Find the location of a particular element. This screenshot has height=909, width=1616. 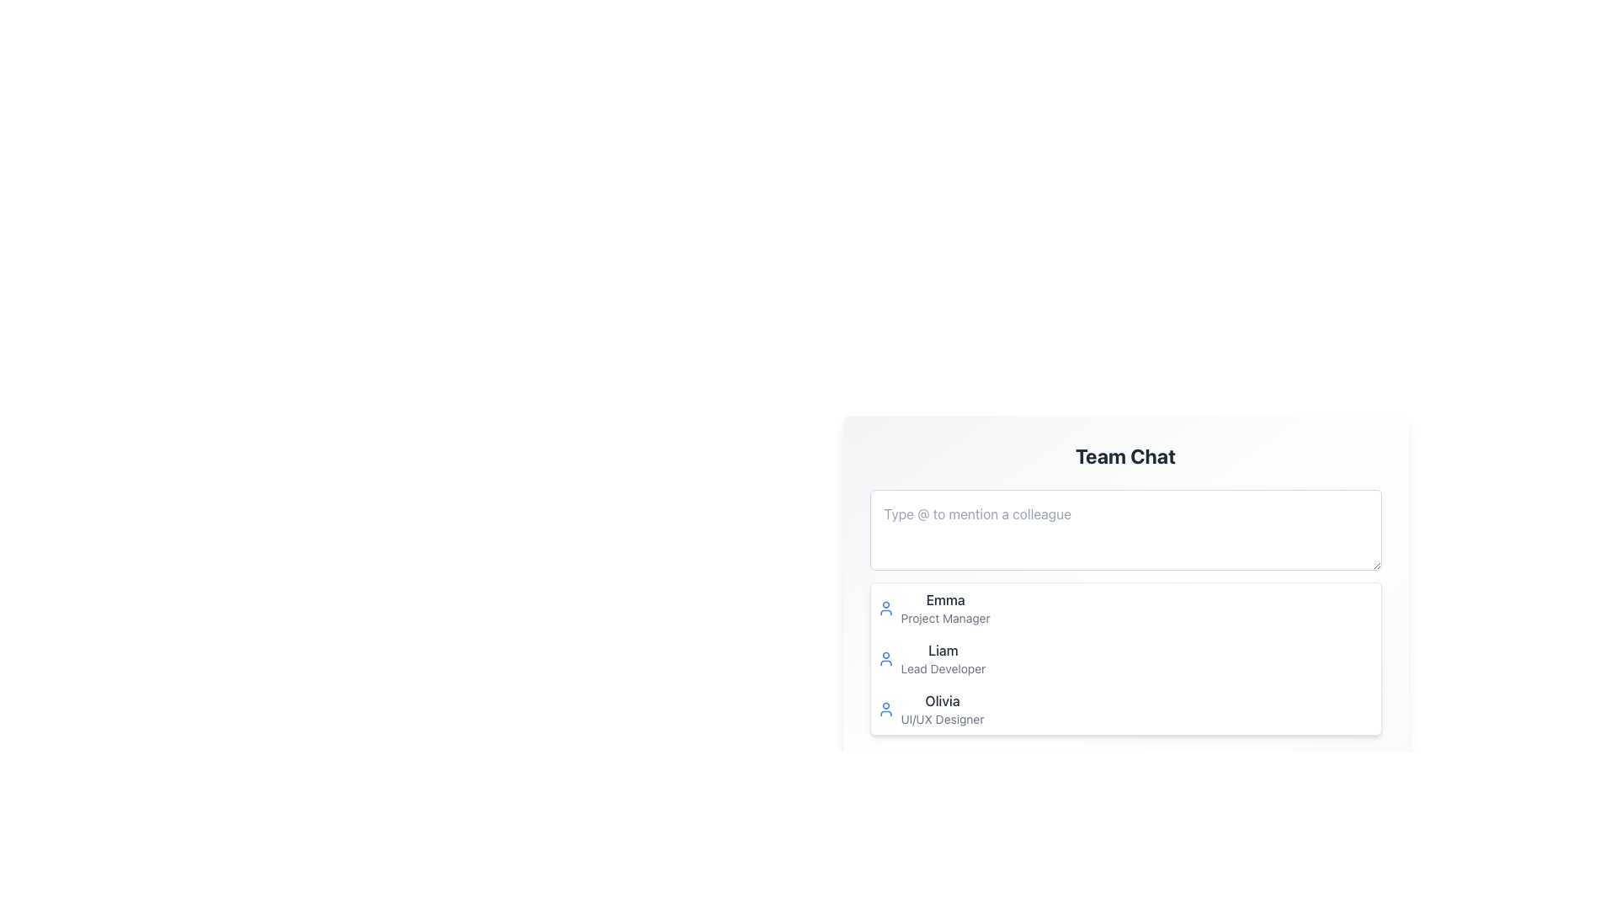

the center of the List Item element displaying 'Liam', the Lead Developer is located at coordinates (943, 658).